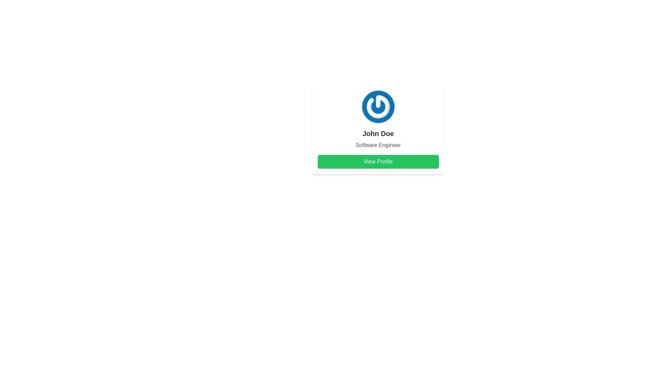  What do you see at coordinates (390, 118) in the screenshot?
I see `the small pen icon located at the bottom-right corner of the circular user avatar` at bounding box center [390, 118].